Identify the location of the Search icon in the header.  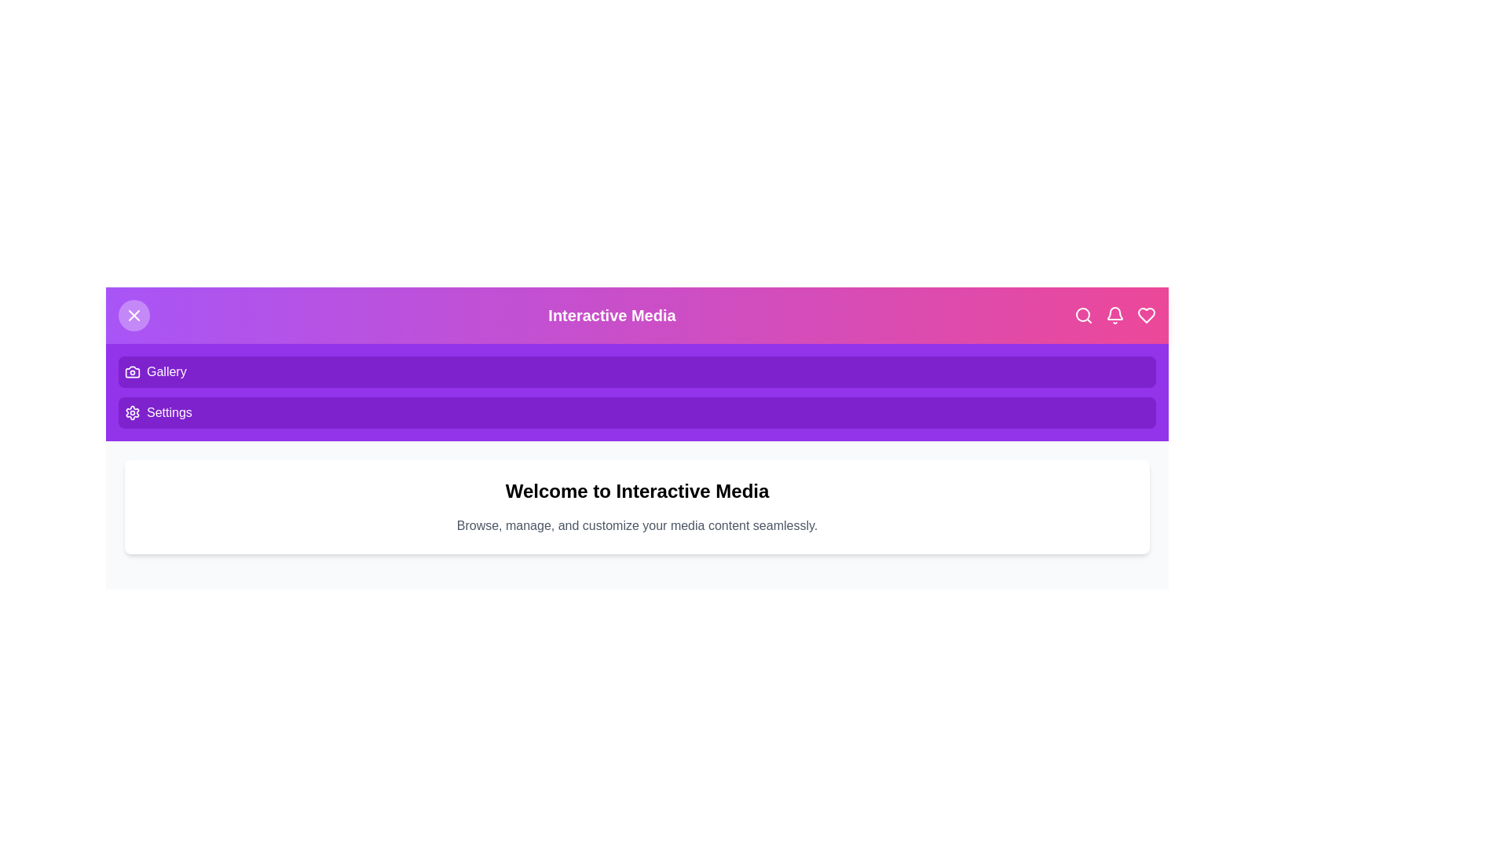
(1082, 315).